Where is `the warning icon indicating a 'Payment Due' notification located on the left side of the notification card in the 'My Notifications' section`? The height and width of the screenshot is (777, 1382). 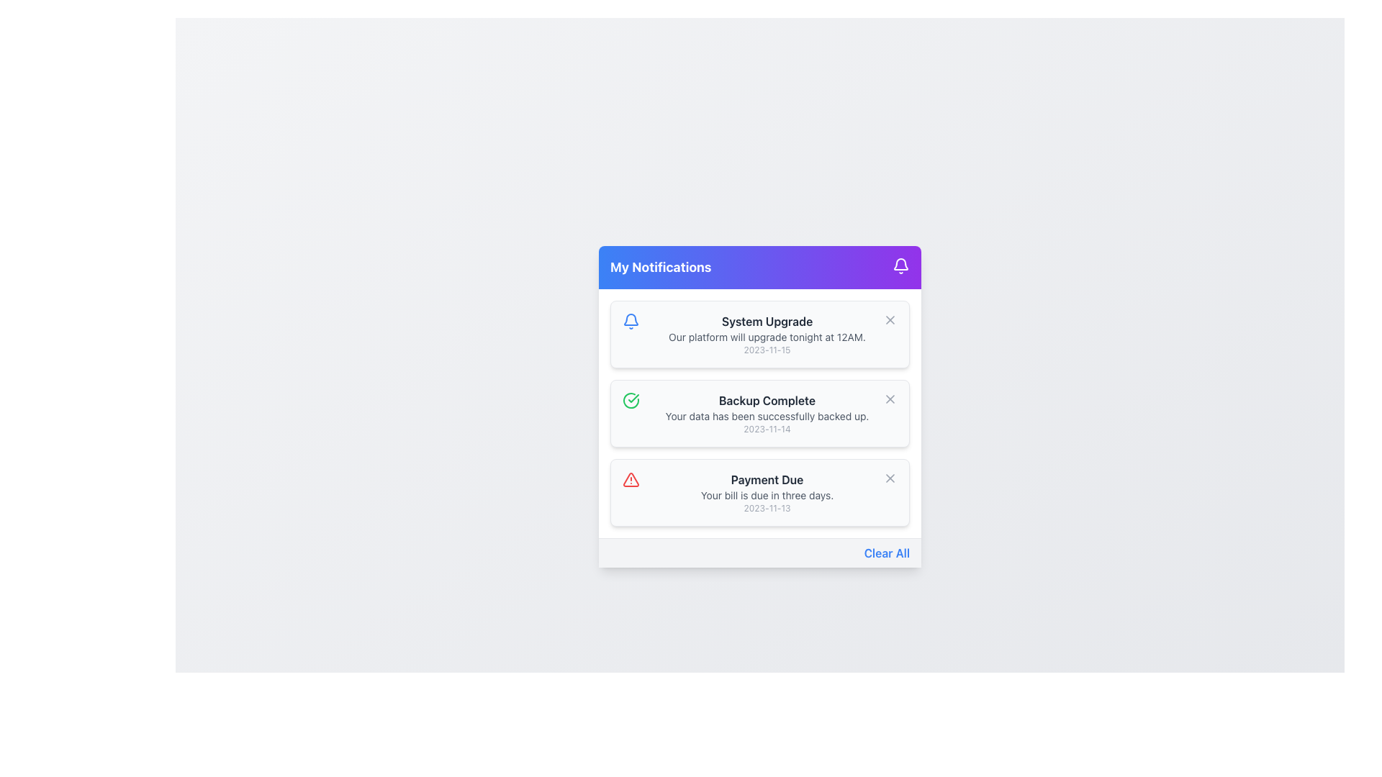 the warning icon indicating a 'Payment Due' notification located on the left side of the notification card in the 'My Notifications' section is located at coordinates (631, 479).